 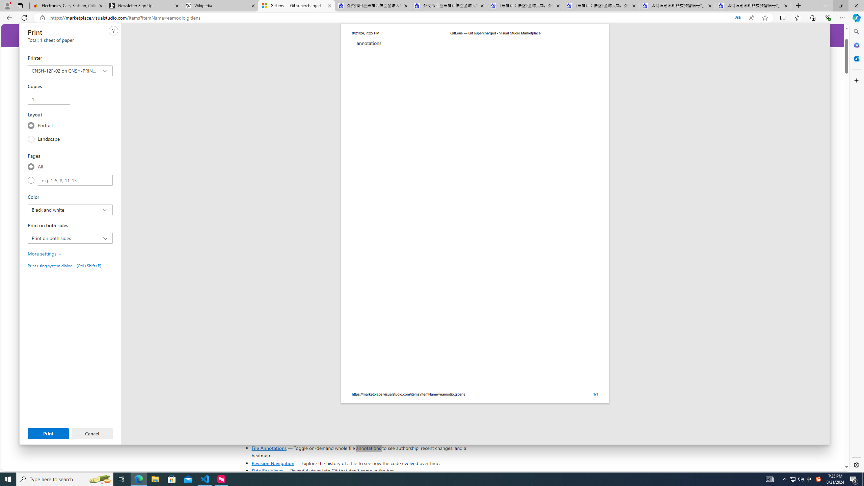 I want to click on 'Printer CNSH-12F-02 on CNSH-PRINT-01', so click(x=70, y=71).